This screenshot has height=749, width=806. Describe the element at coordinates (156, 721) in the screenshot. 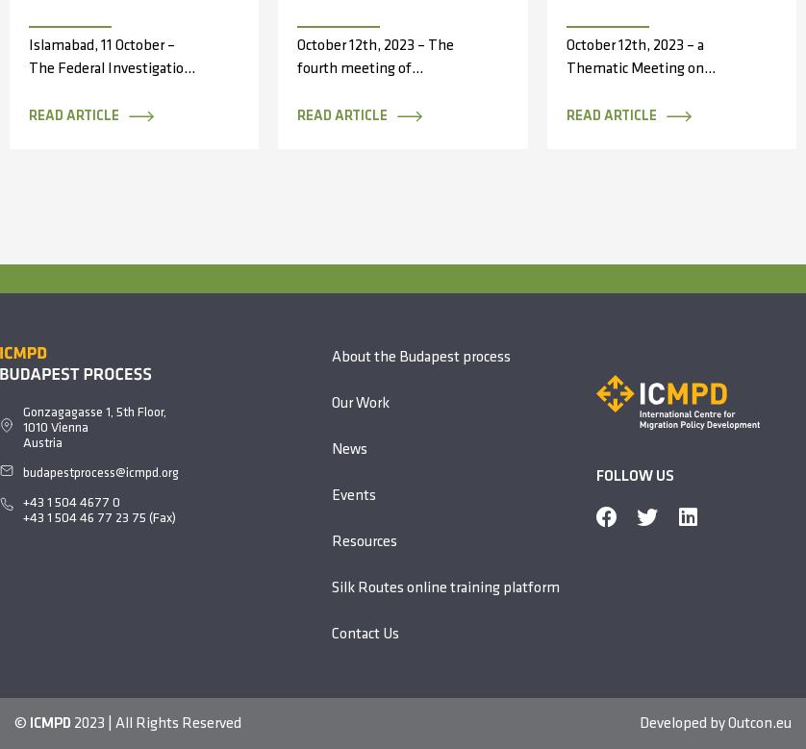

I see `'2023 | All Rights Reserved'` at that location.